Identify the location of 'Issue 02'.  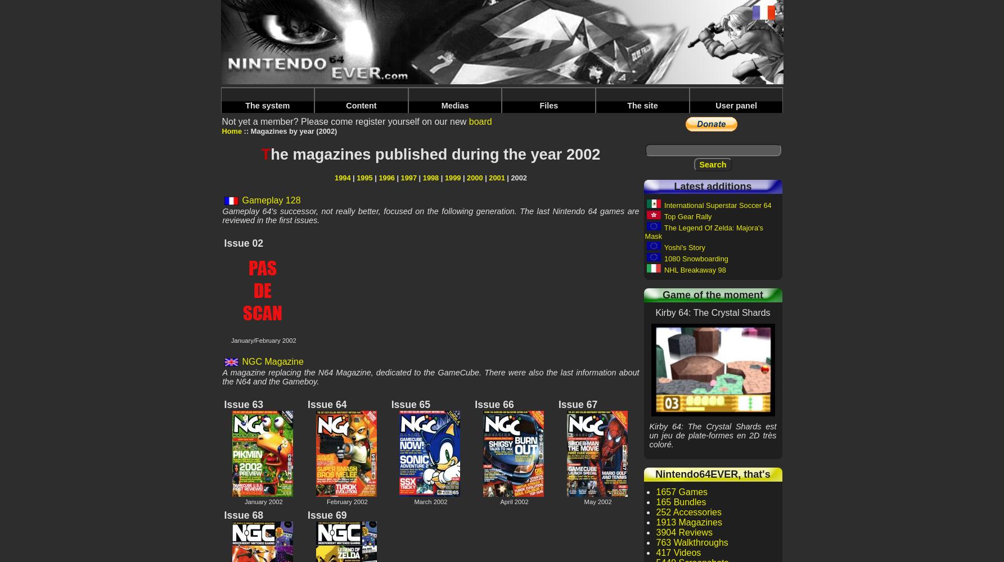
(242, 243).